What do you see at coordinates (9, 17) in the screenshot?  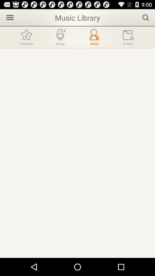 I see `settings` at bounding box center [9, 17].